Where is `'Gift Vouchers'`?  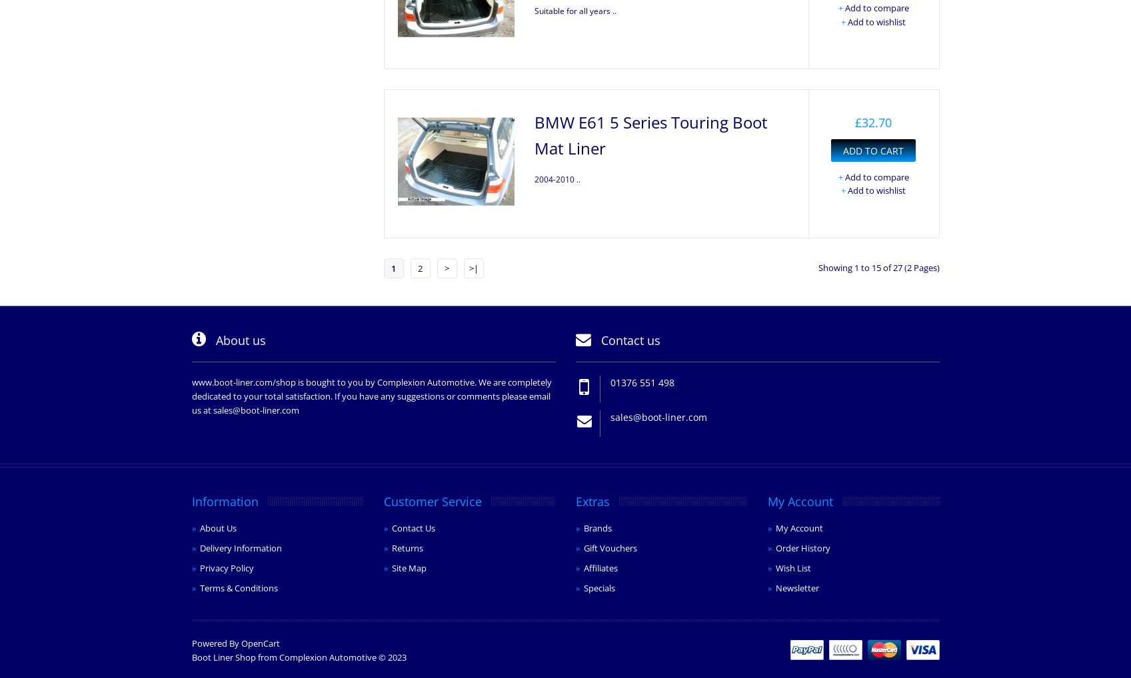 'Gift Vouchers' is located at coordinates (582, 547).